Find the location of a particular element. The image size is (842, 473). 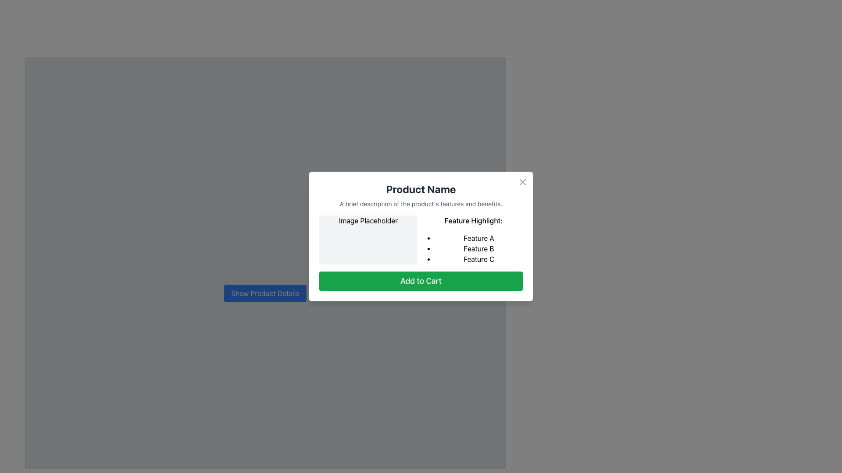

the text element presenting 'Feature B' in the 'Feature Highlight' list, positioned between 'Feature A' and 'Feature C' is located at coordinates (478, 248).